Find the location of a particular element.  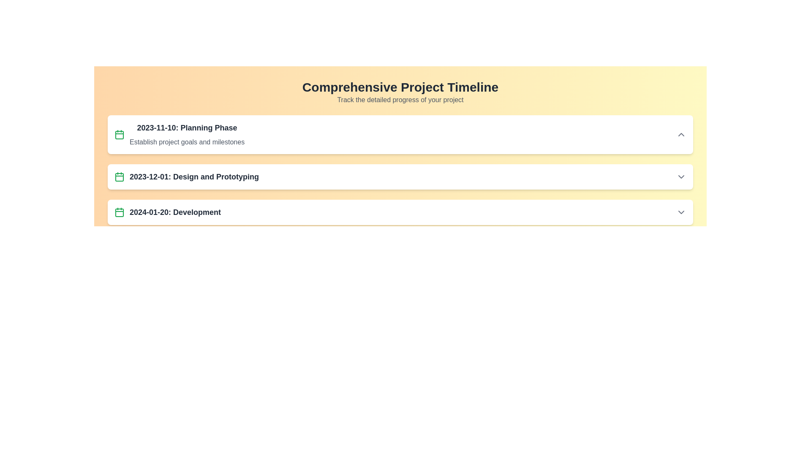

the calendar icon located to the left of the text '2023-11-10: Planning Phase' in the first item of the project milestones list is located at coordinates (119, 134).